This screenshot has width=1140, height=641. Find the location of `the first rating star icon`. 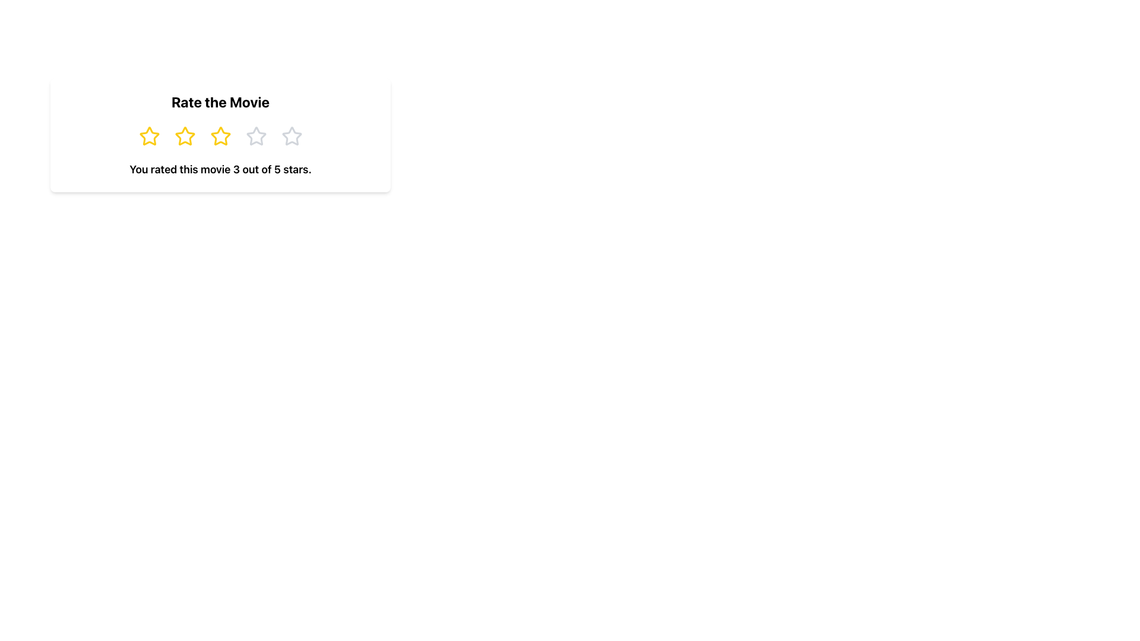

the first rating star icon is located at coordinates (148, 136).